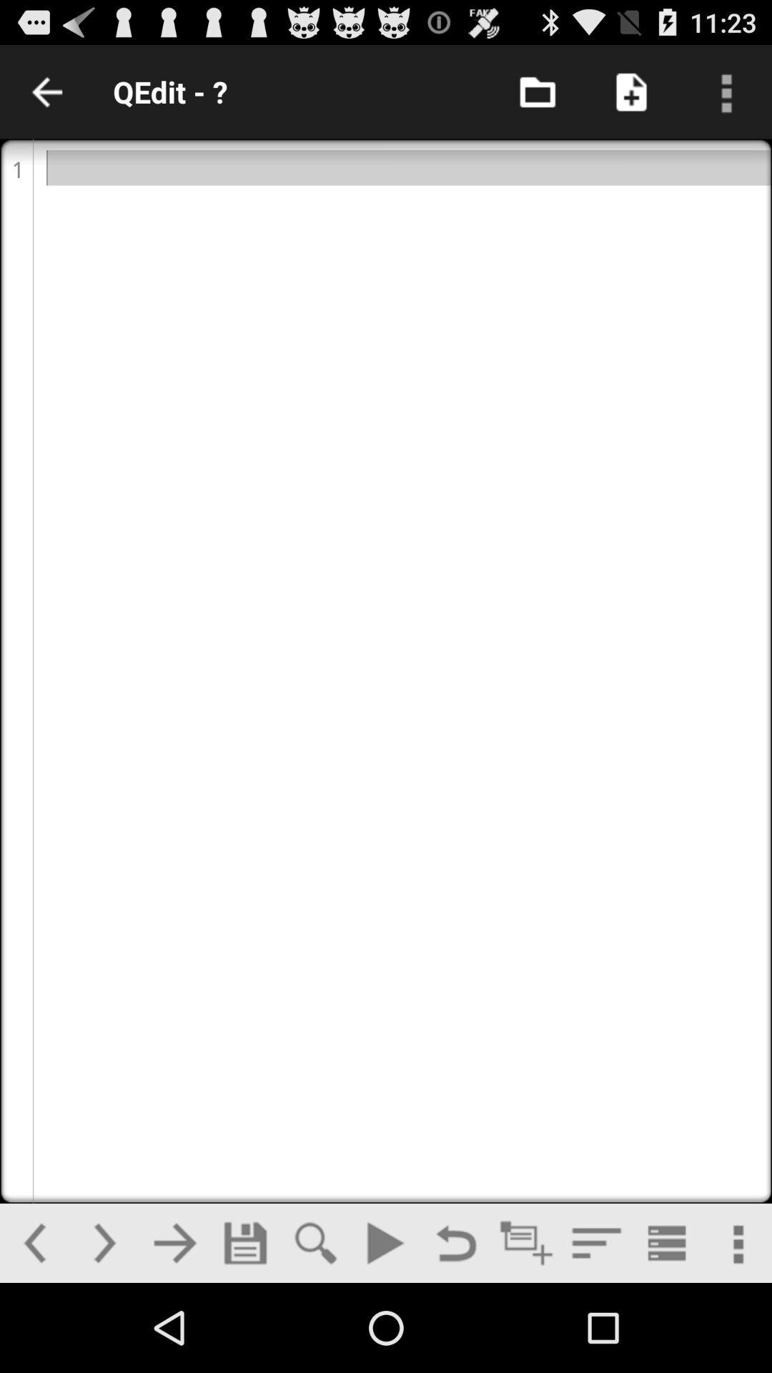  What do you see at coordinates (104, 1242) in the screenshot?
I see `go forward` at bounding box center [104, 1242].